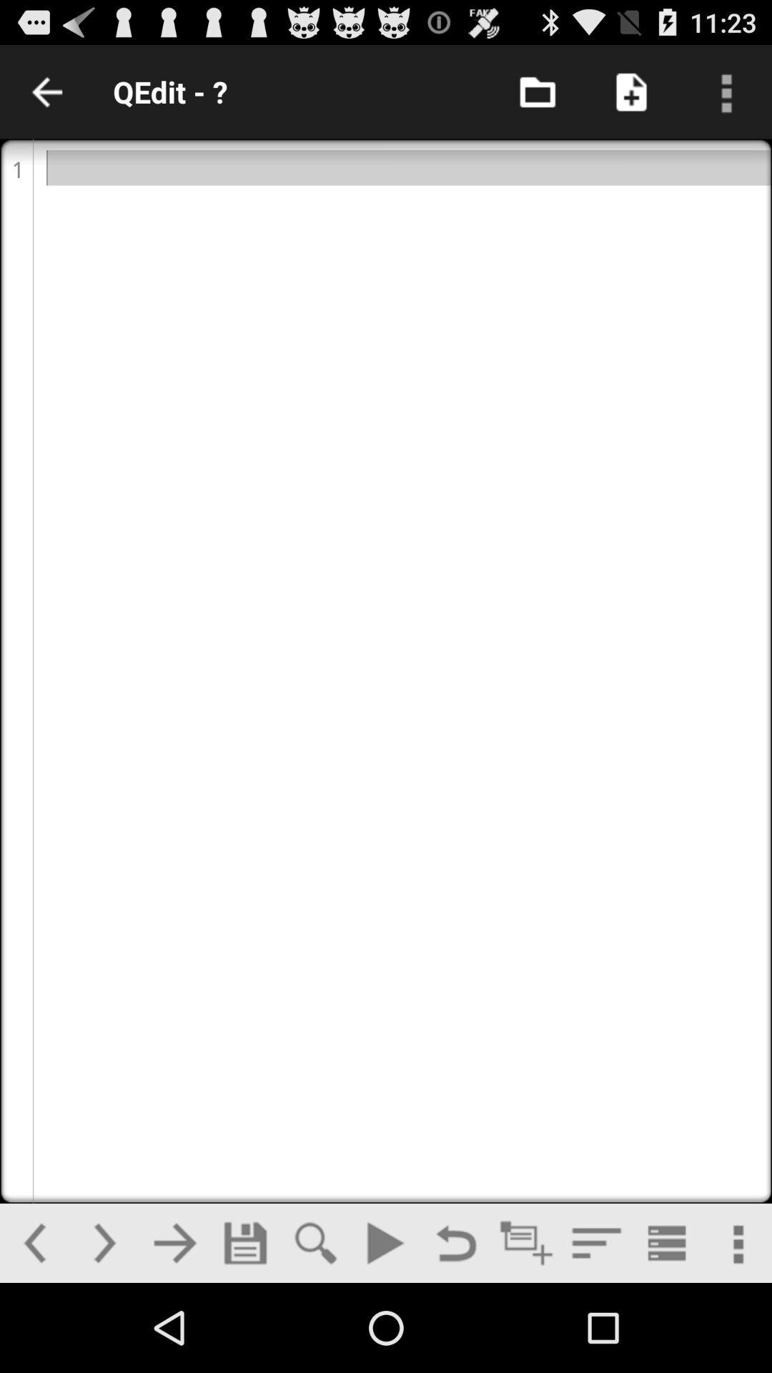  What do you see at coordinates (104, 1242) in the screenshot?
I see `go forward` at bounding box center [104, 1242].